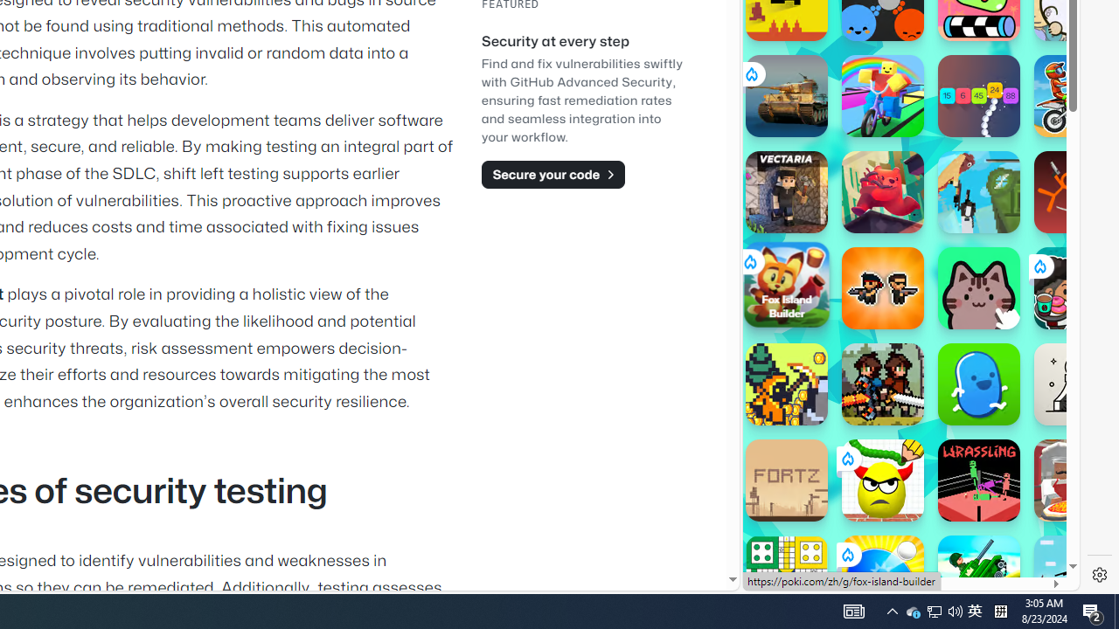 The width and height of the screenshot is (1119, 629). I want to click on 'Island Odyssey: Return of the Sea', so click(785, 383).